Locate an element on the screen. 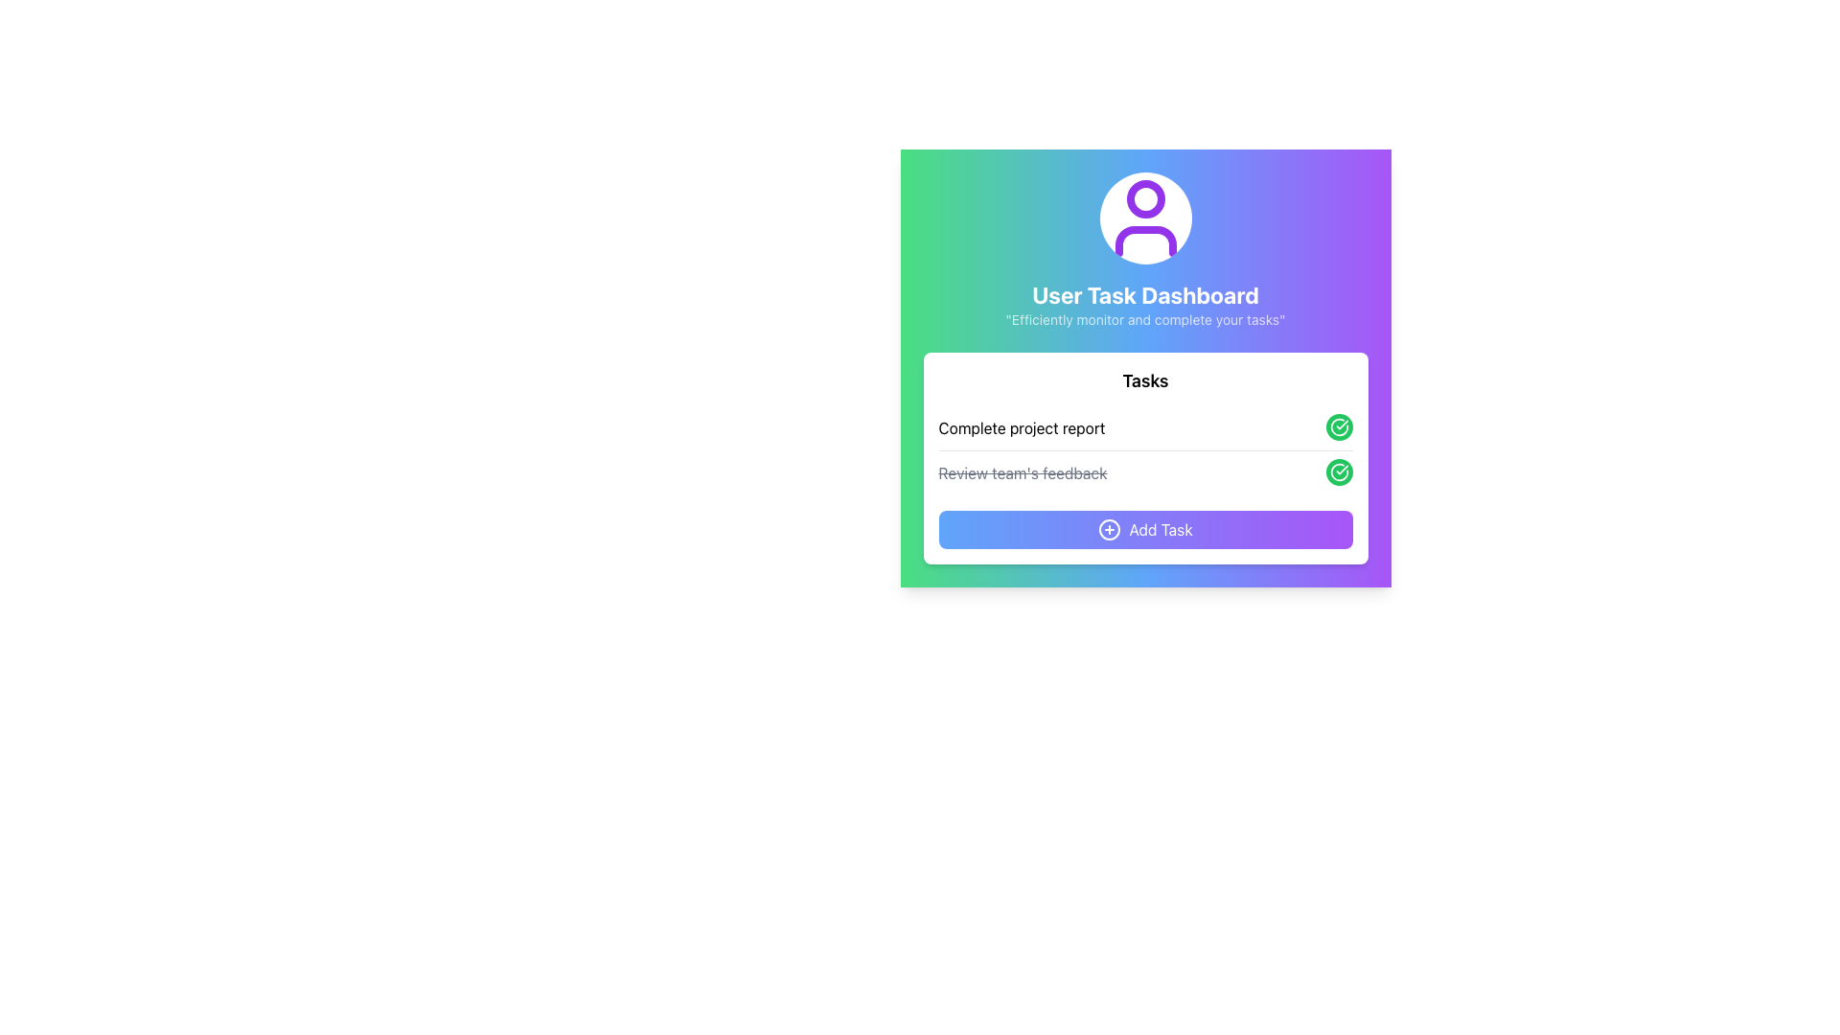 The width and height of the screenshot is (1840, 1035). the descriptive subtitle text label located beneath the heading 'User Task Dashboard' in the dashboard interface is located at coordinates (1145, 319).